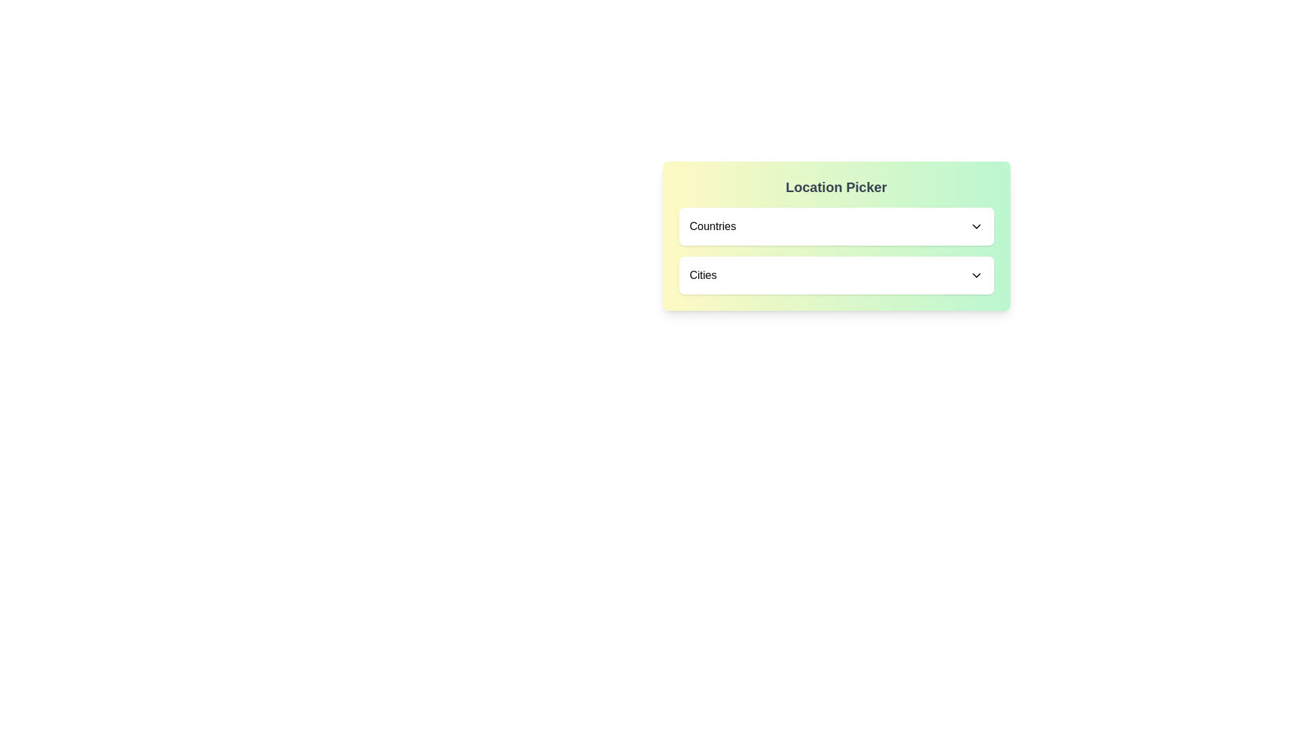 This screenshot has height=733, width=1304. I want to click on the dropdown menu for selecting cities, located below the 'Countries' box, so click(835, 275).